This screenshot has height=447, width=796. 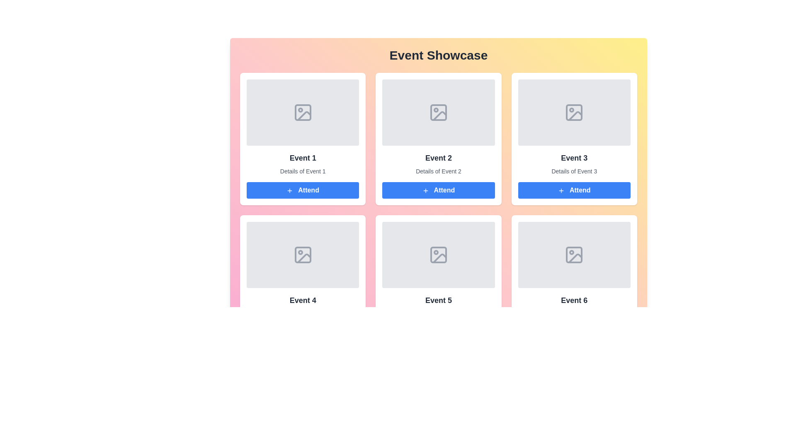 I want to click on the addition icon within the 'Attend' button for 'Event 2' located in the second column of the first row in the Event Showcase layout, so click(x=425, y=190).